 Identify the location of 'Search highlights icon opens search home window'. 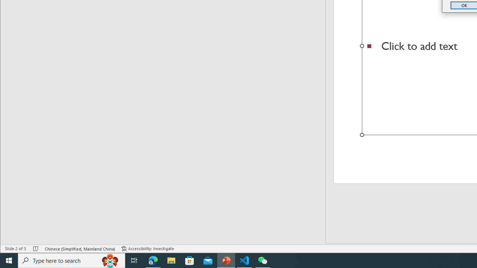
(110, 260).